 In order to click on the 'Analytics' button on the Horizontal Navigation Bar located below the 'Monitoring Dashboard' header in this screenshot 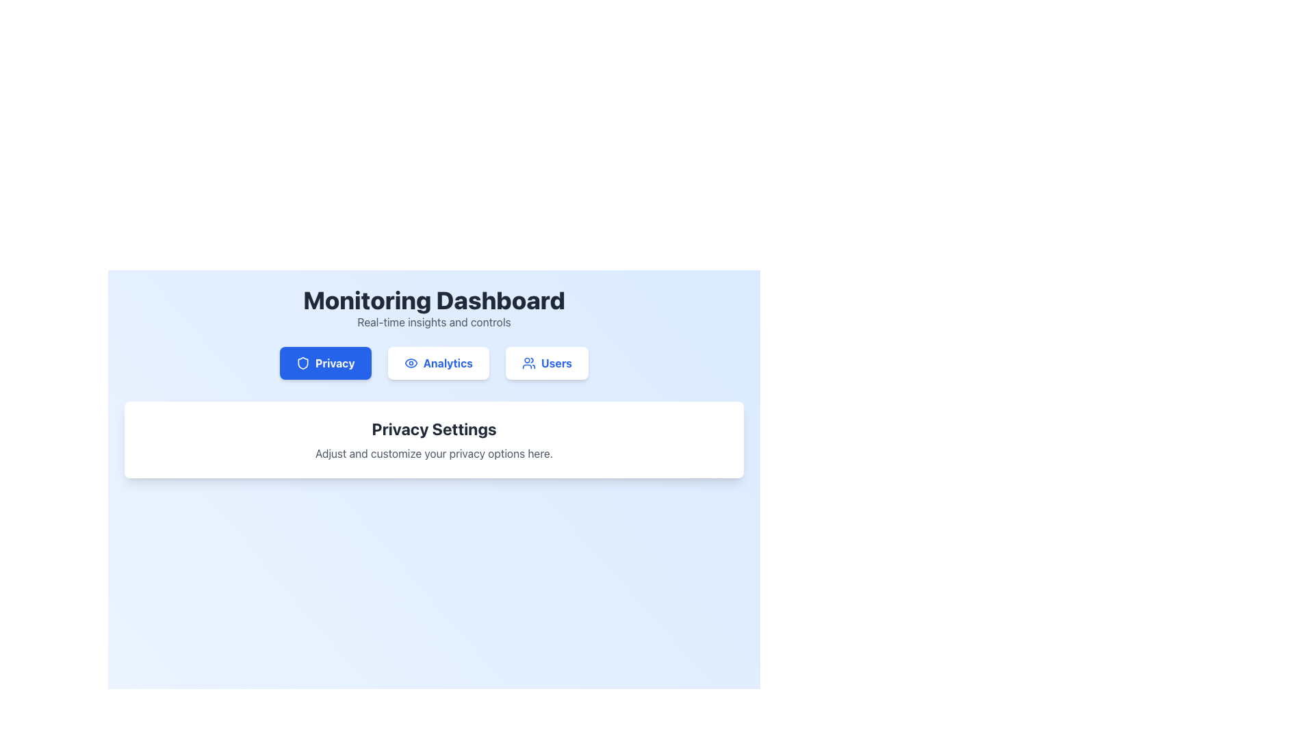, I will do `click(433, 363)`.